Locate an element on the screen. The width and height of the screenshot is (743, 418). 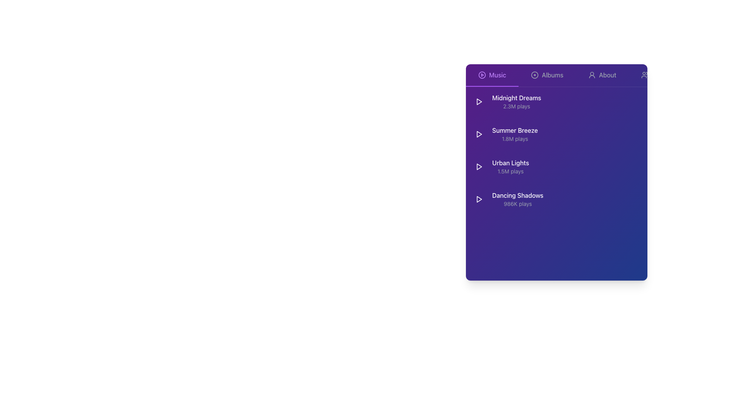
the small white outlined icon resembling a pair of people on a purple background, located at the top-right corner of the user interface is located at coordinates (645, 75).